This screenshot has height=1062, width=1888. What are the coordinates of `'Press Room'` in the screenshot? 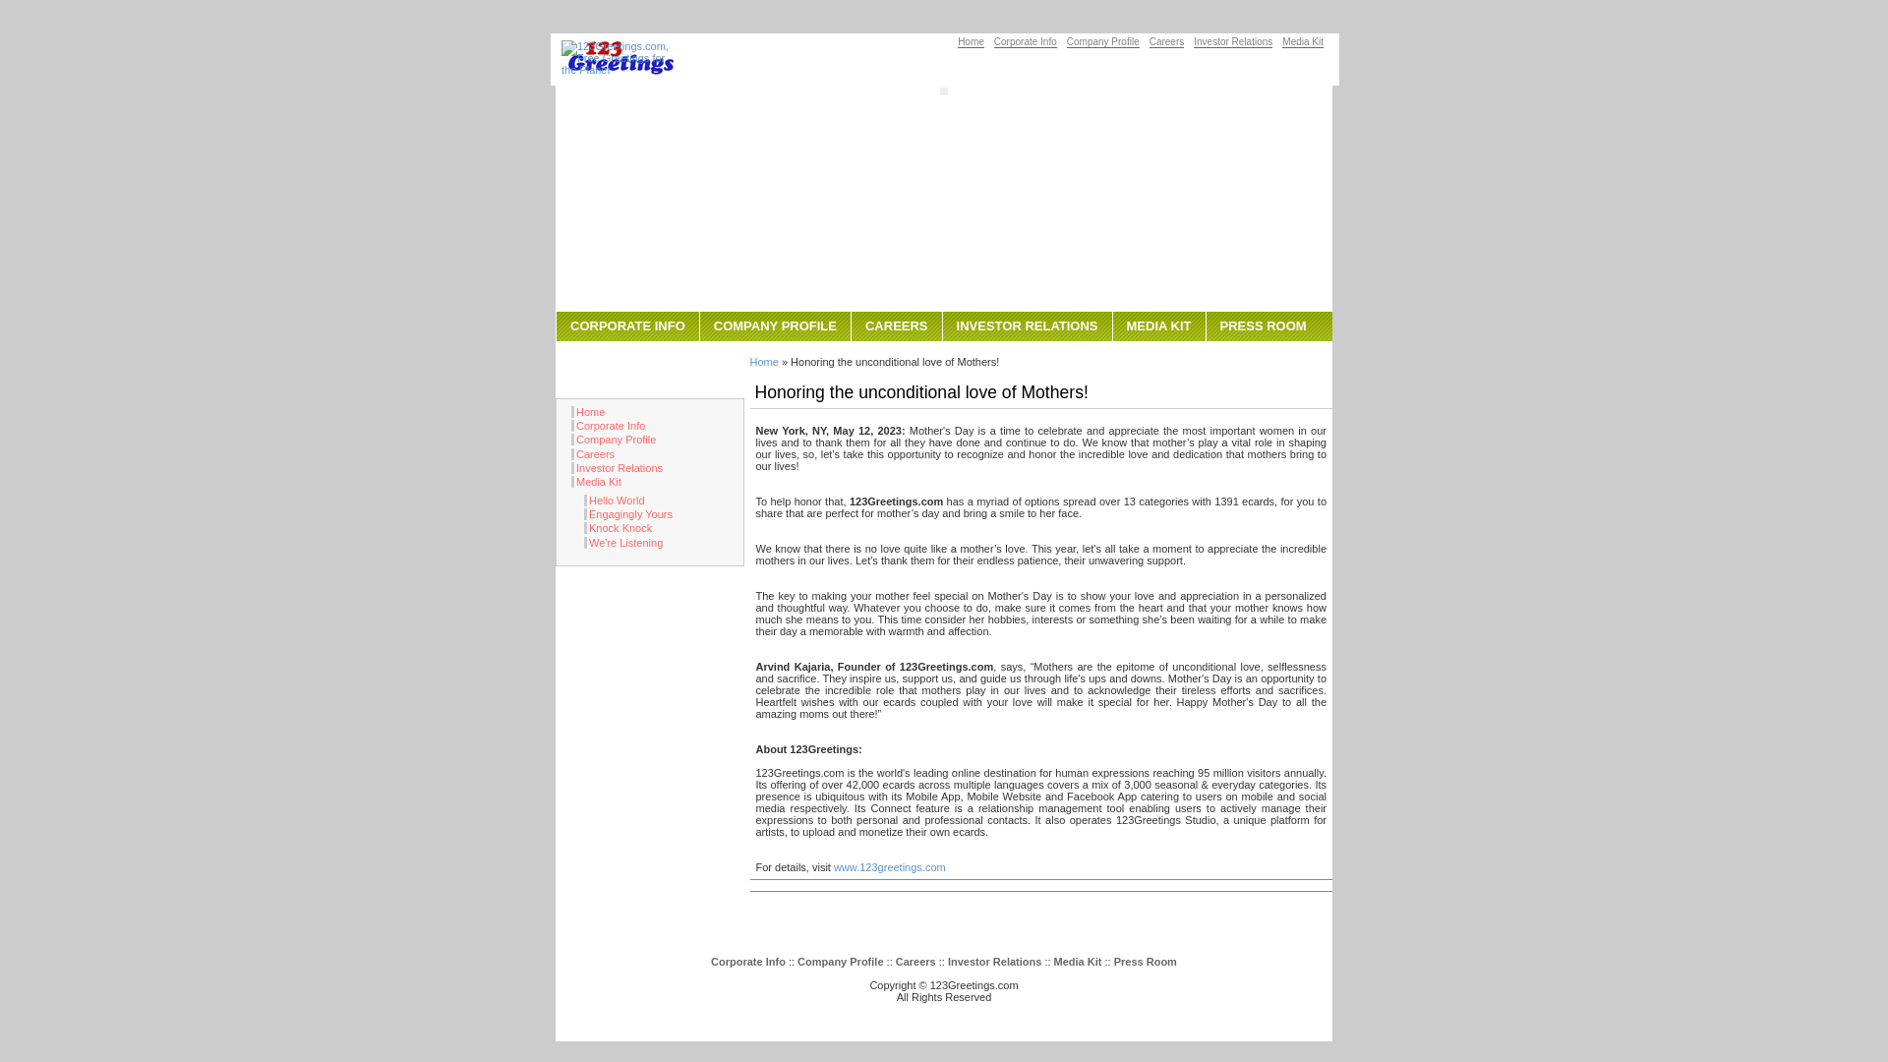 It's located at (1146, 961).